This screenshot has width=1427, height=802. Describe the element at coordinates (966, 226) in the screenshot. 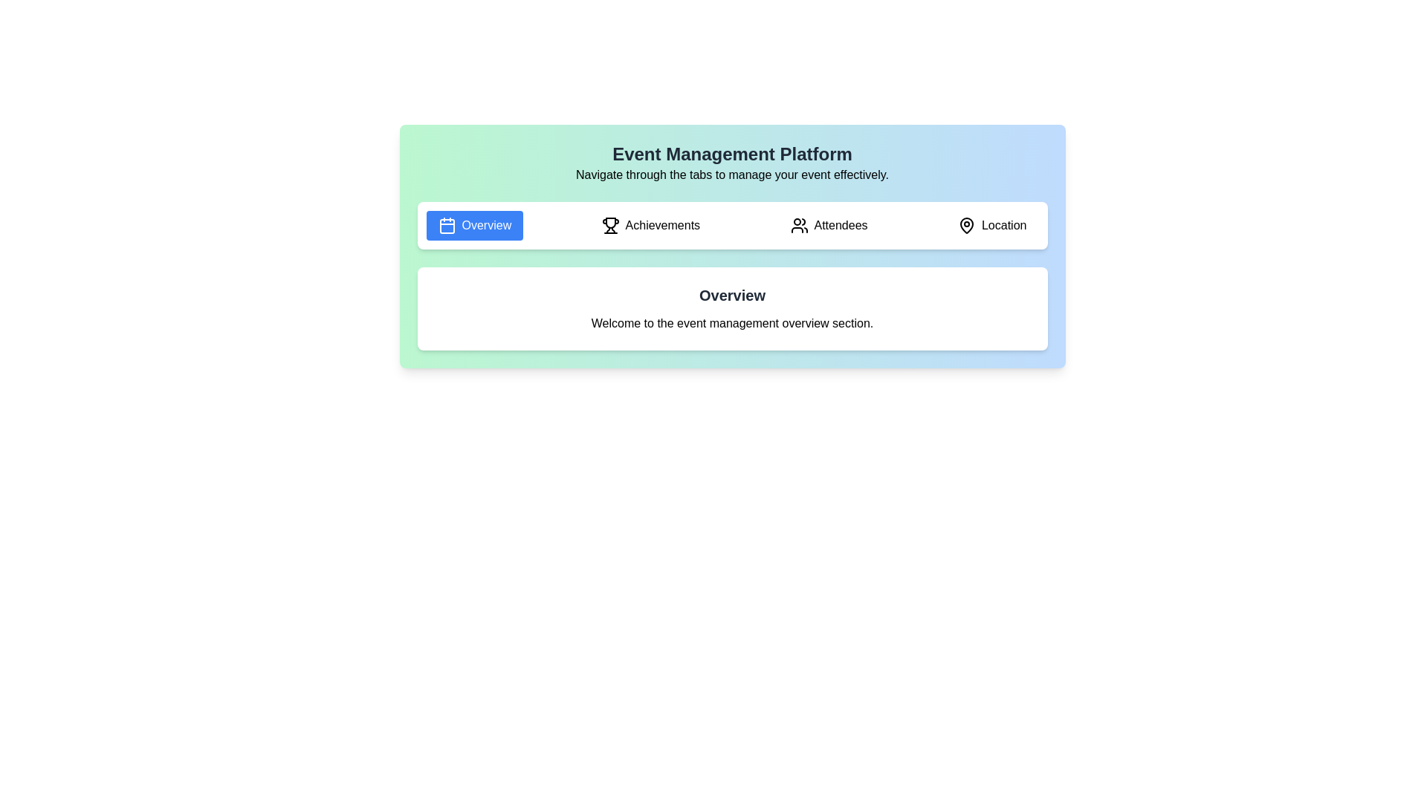

I see `the pin icon located in the fourth tab of the navigation bar, positioned on the left side next to the 'Location' label text` at that location.